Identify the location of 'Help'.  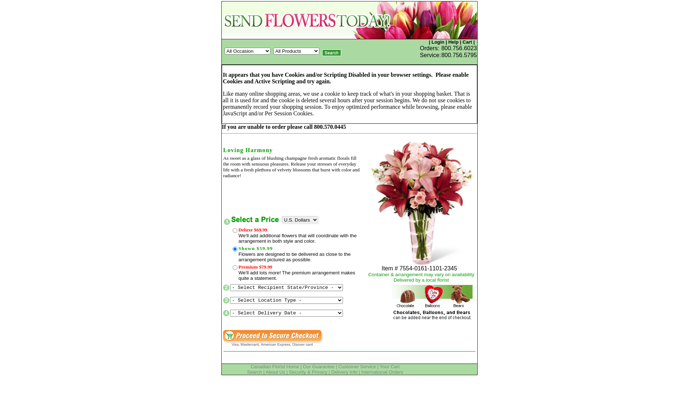
(447, 42).